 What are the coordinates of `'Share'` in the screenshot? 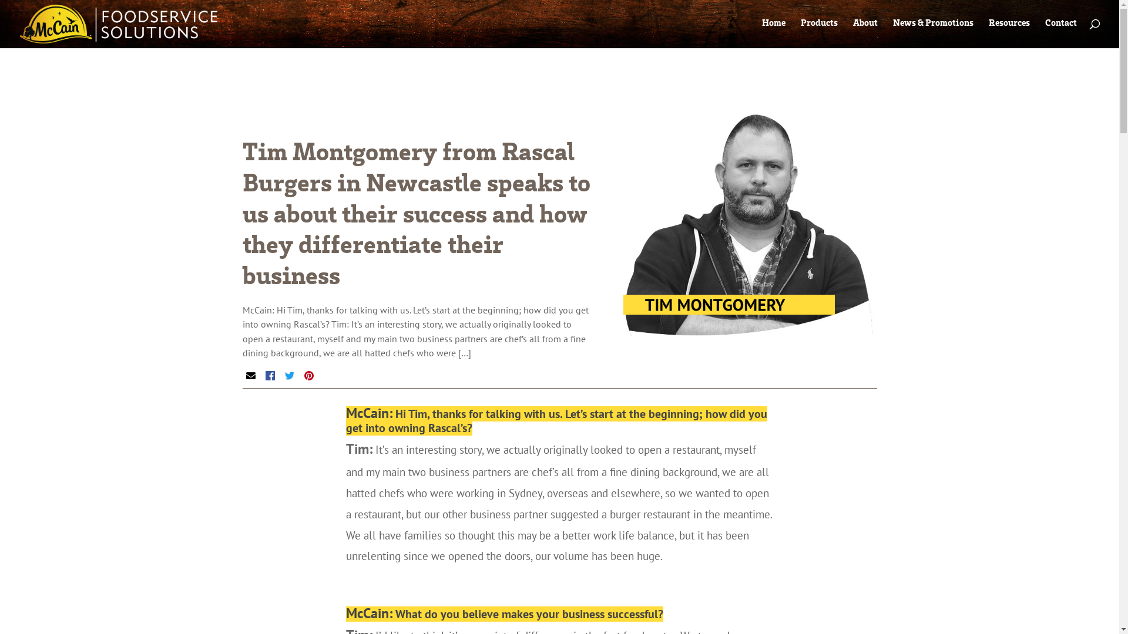 It's located at (270, 376).